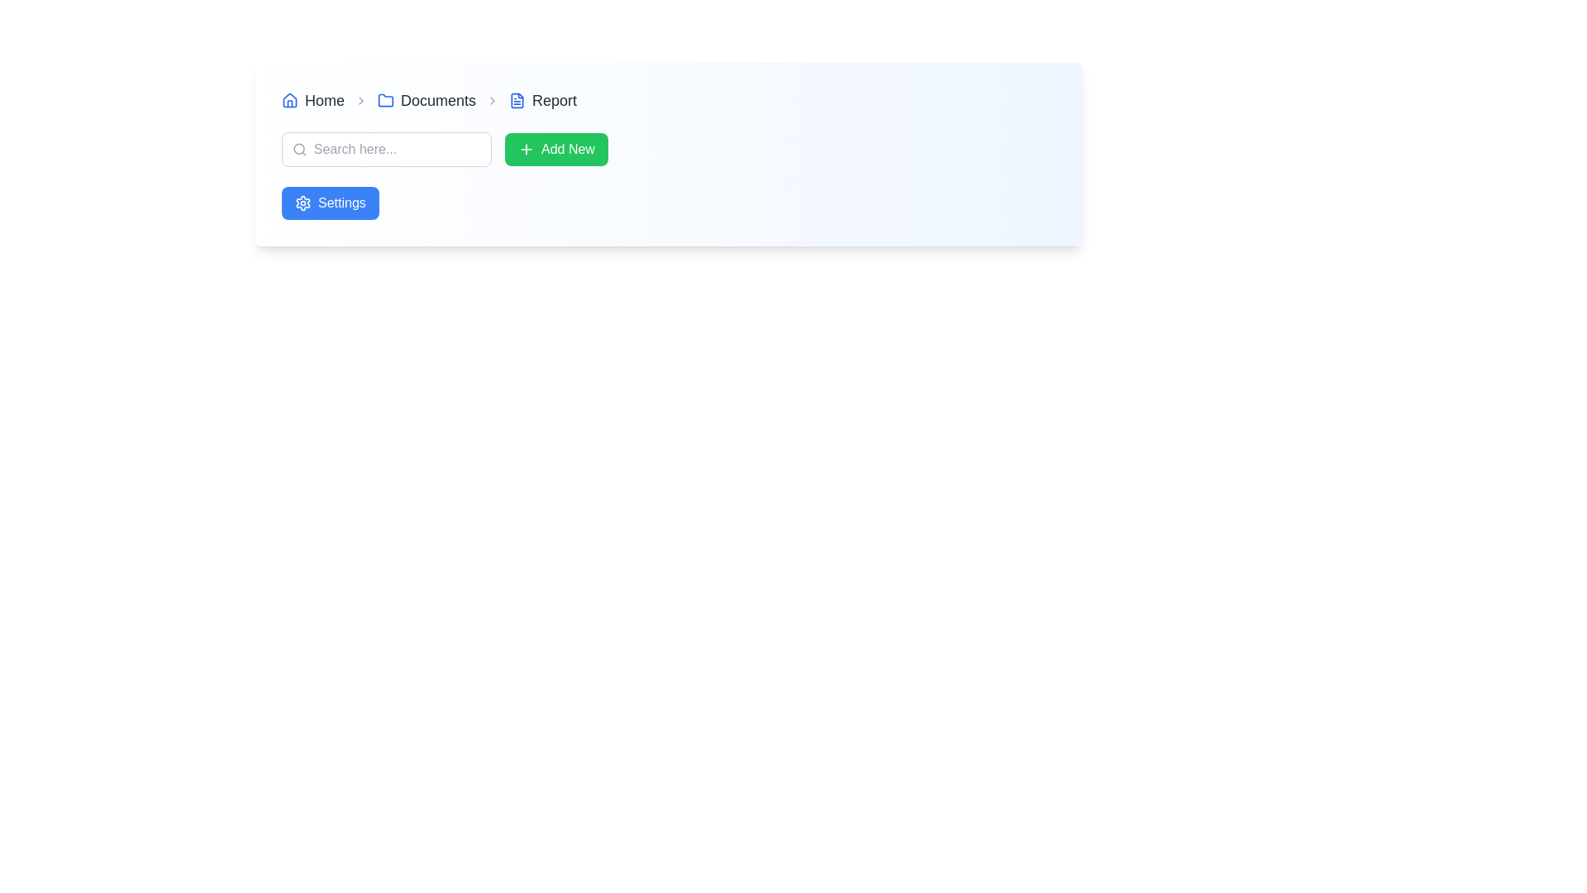 The width and height of the screenshot is (1587, 893). What do you see at coordinates (543, 101) in the screenshot?
I see `the 'Report' text label, which is the last element in the breadcrumb navigation indicating 'Home > Documents > Report'` at bounding box center [543, 101].